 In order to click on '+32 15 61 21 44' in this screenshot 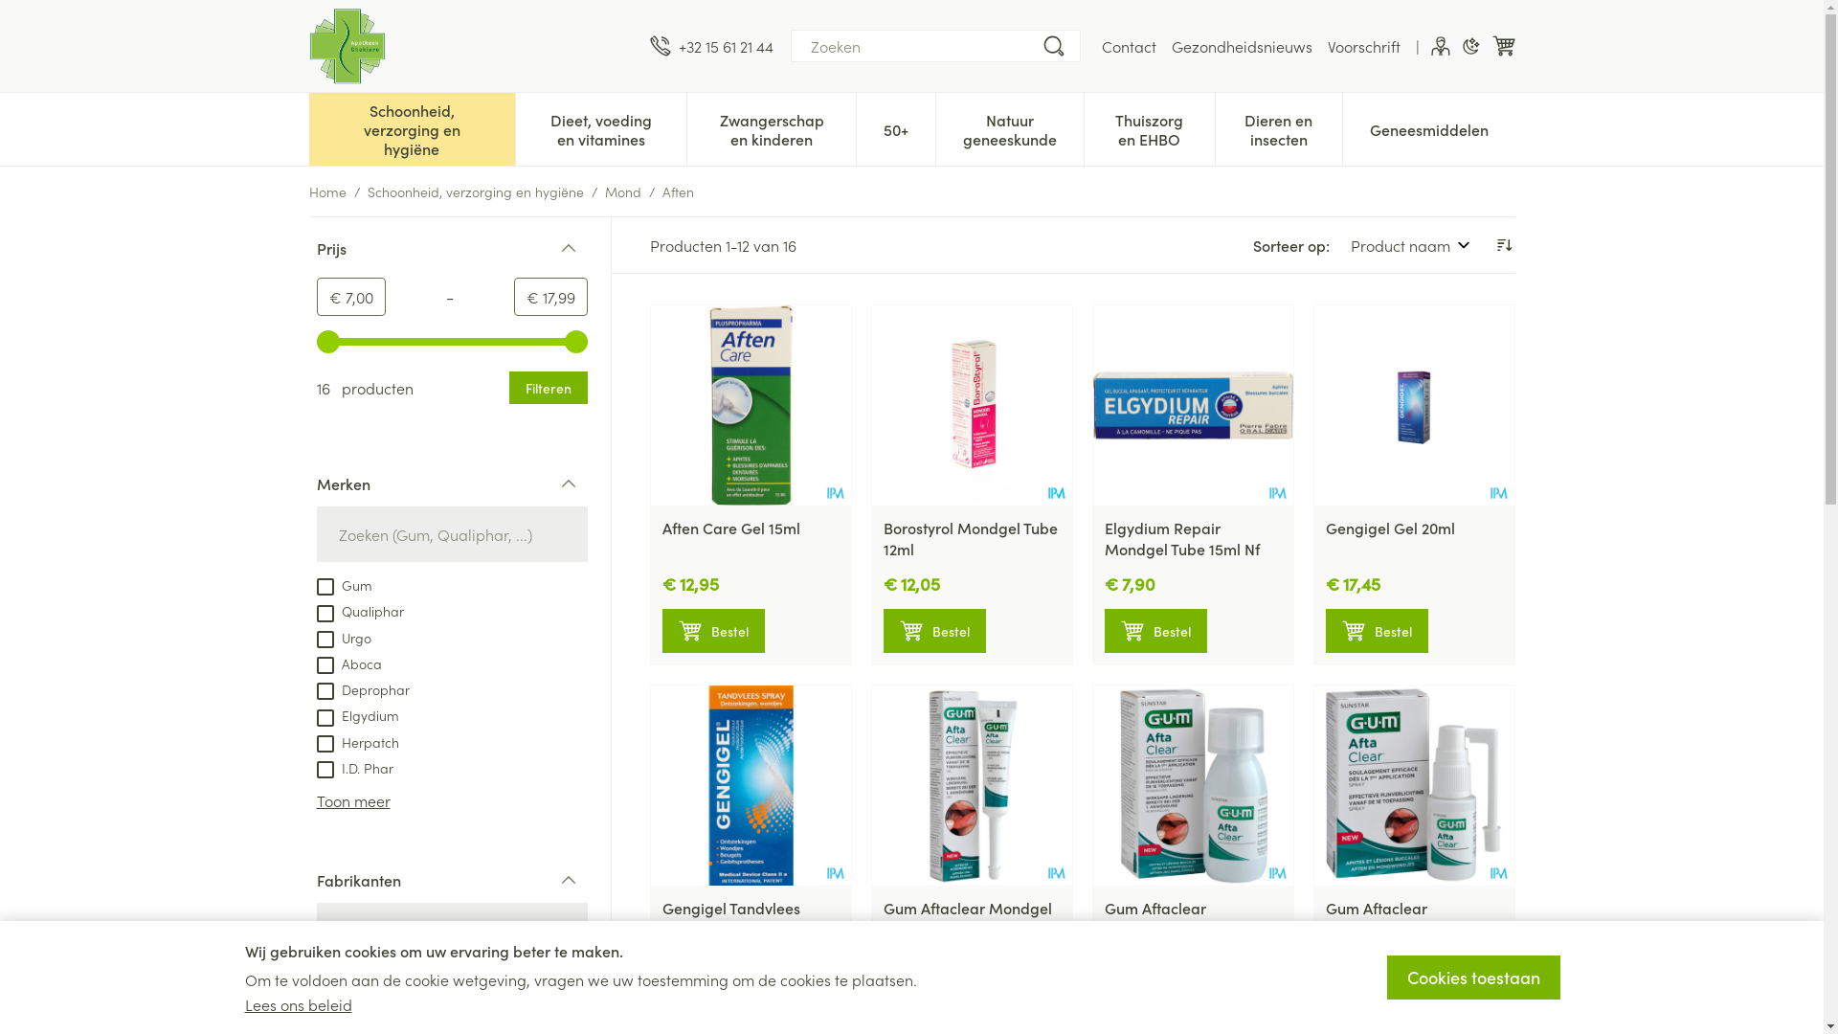, I will do `click(709, 44)`.